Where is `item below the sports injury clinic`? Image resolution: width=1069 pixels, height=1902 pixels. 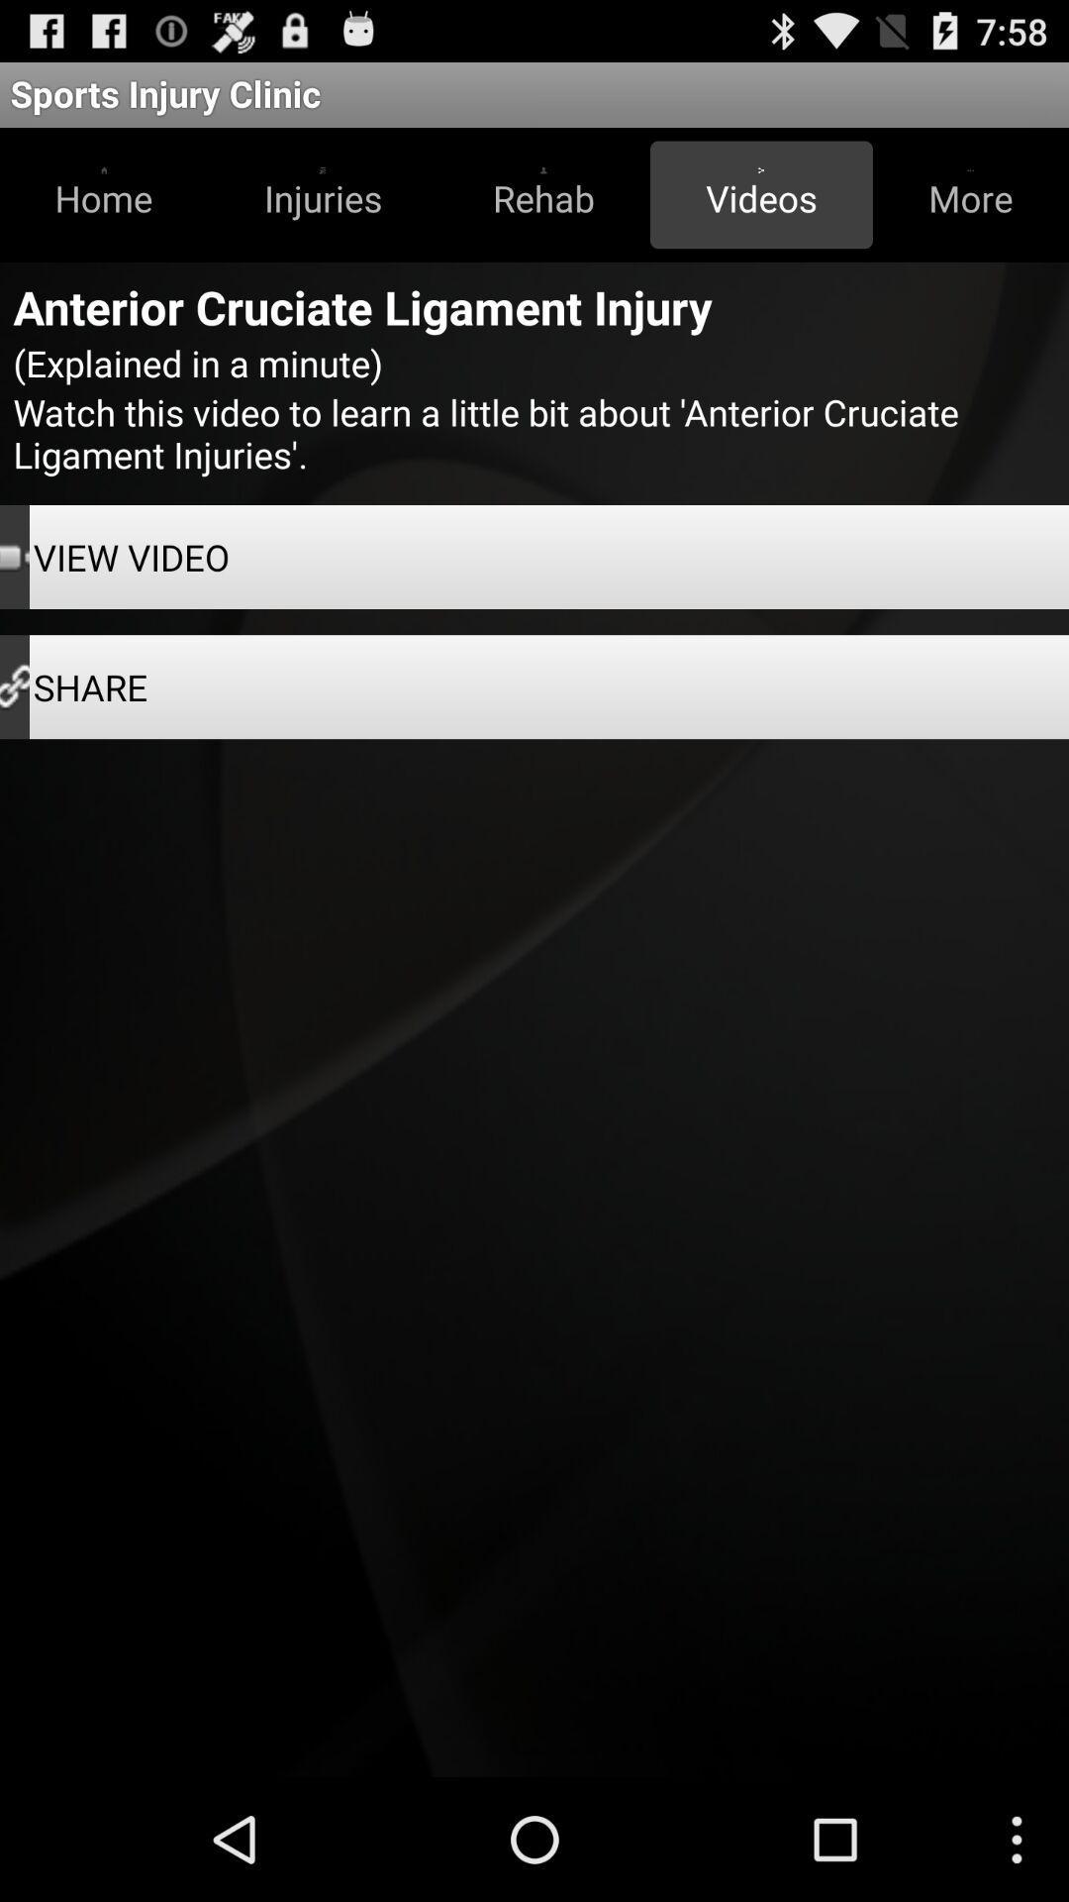
item below the sports injury clinic is located at coordinates (760, 194).